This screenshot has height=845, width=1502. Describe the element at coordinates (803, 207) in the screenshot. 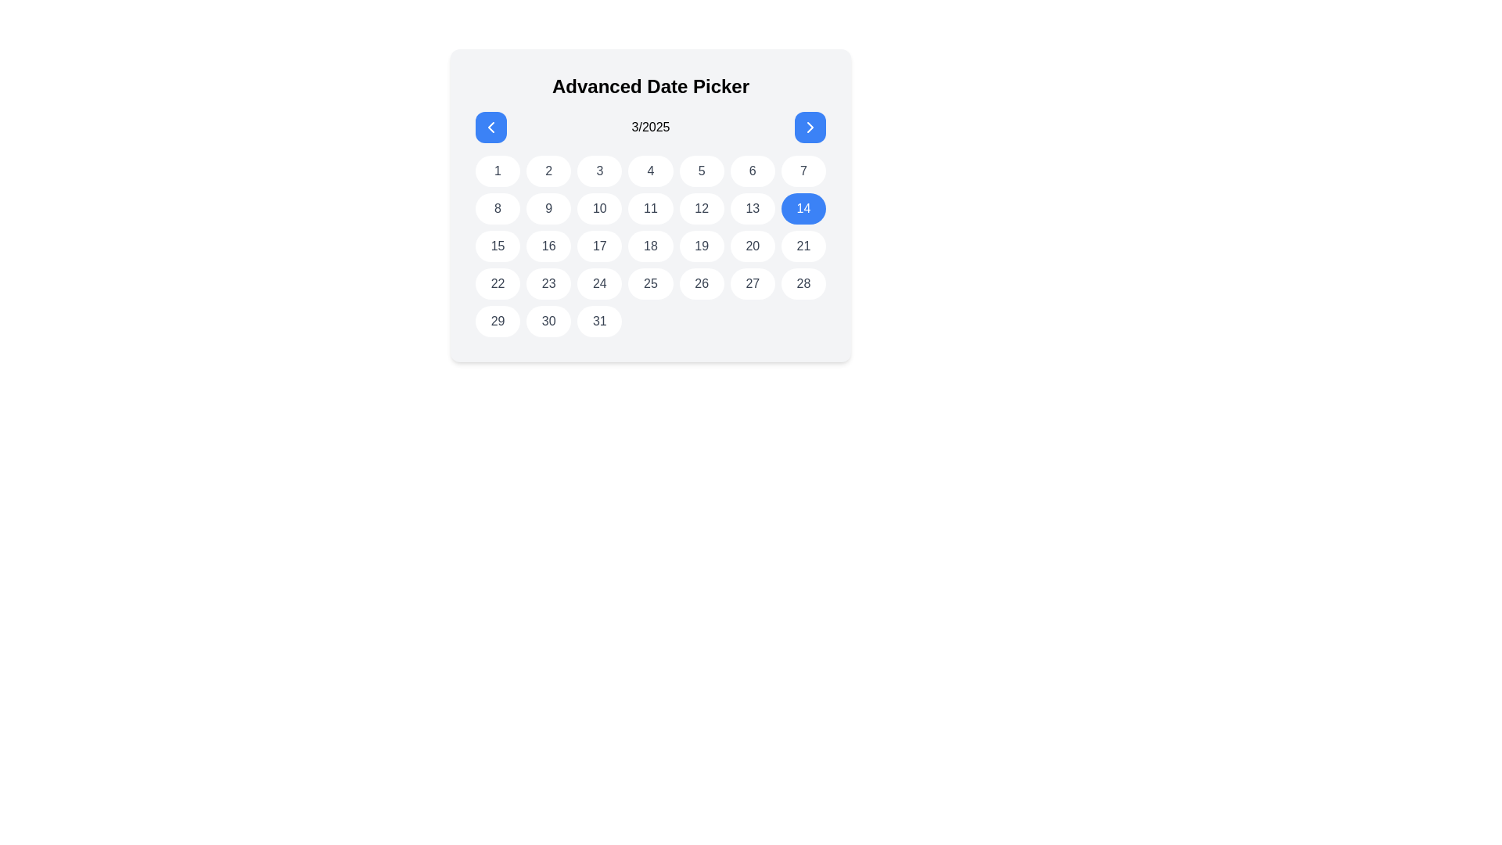

I see `the interactive button displaying the number '14' in the calendar component` at that location.